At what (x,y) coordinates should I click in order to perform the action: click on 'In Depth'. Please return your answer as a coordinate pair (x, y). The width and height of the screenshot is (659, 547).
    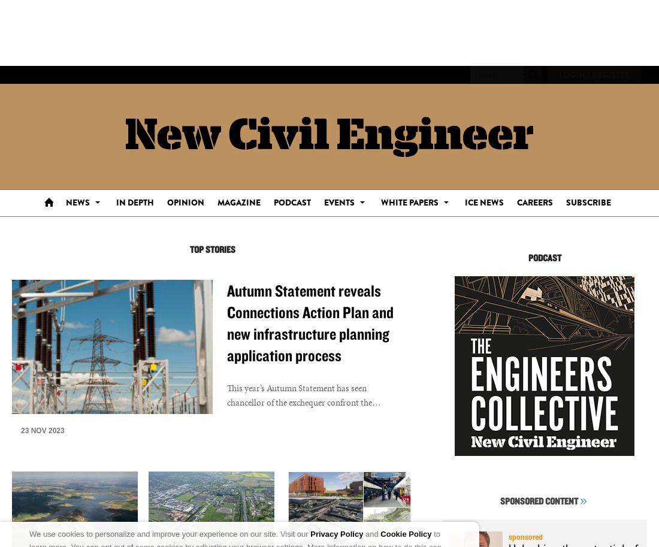
    Looking at the image, I should click on (135, 202).